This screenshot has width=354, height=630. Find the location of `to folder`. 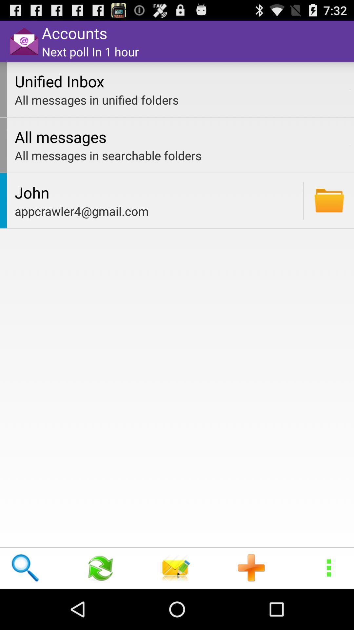

to folder is located at coordinates (329, 200).